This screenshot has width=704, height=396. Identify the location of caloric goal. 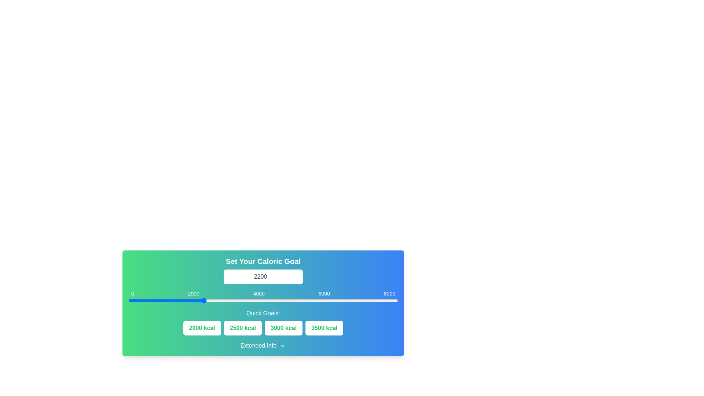
(386, 301).